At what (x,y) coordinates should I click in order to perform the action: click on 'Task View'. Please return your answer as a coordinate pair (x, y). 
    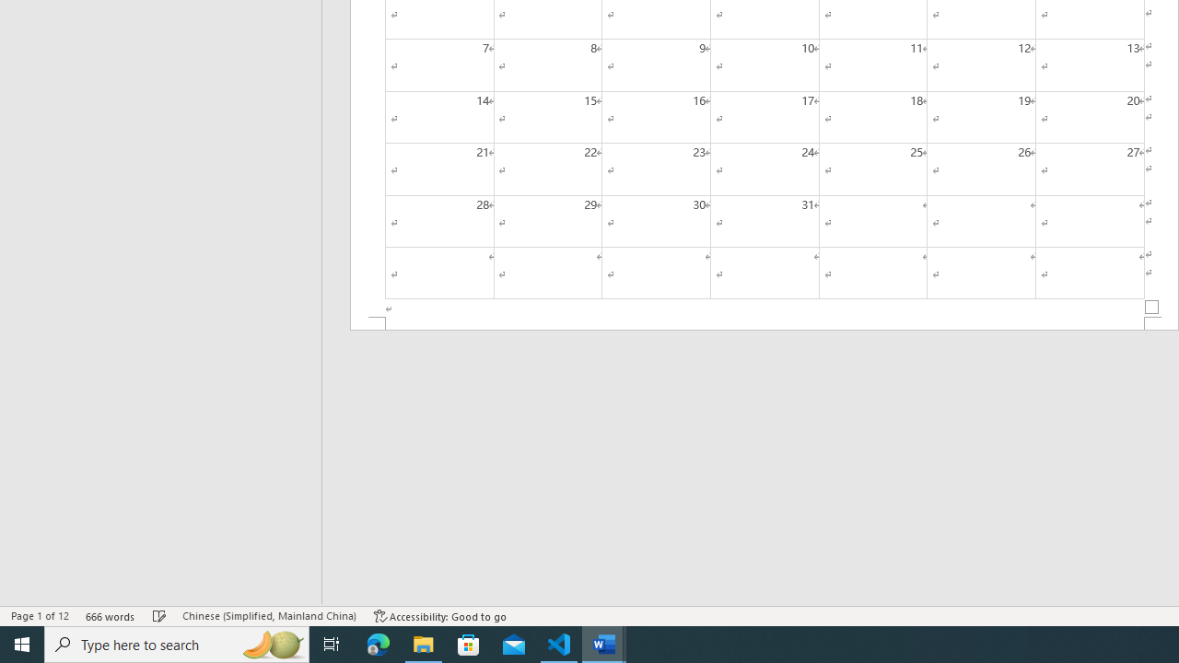
    Looking at the image, I should click on (331, 643).